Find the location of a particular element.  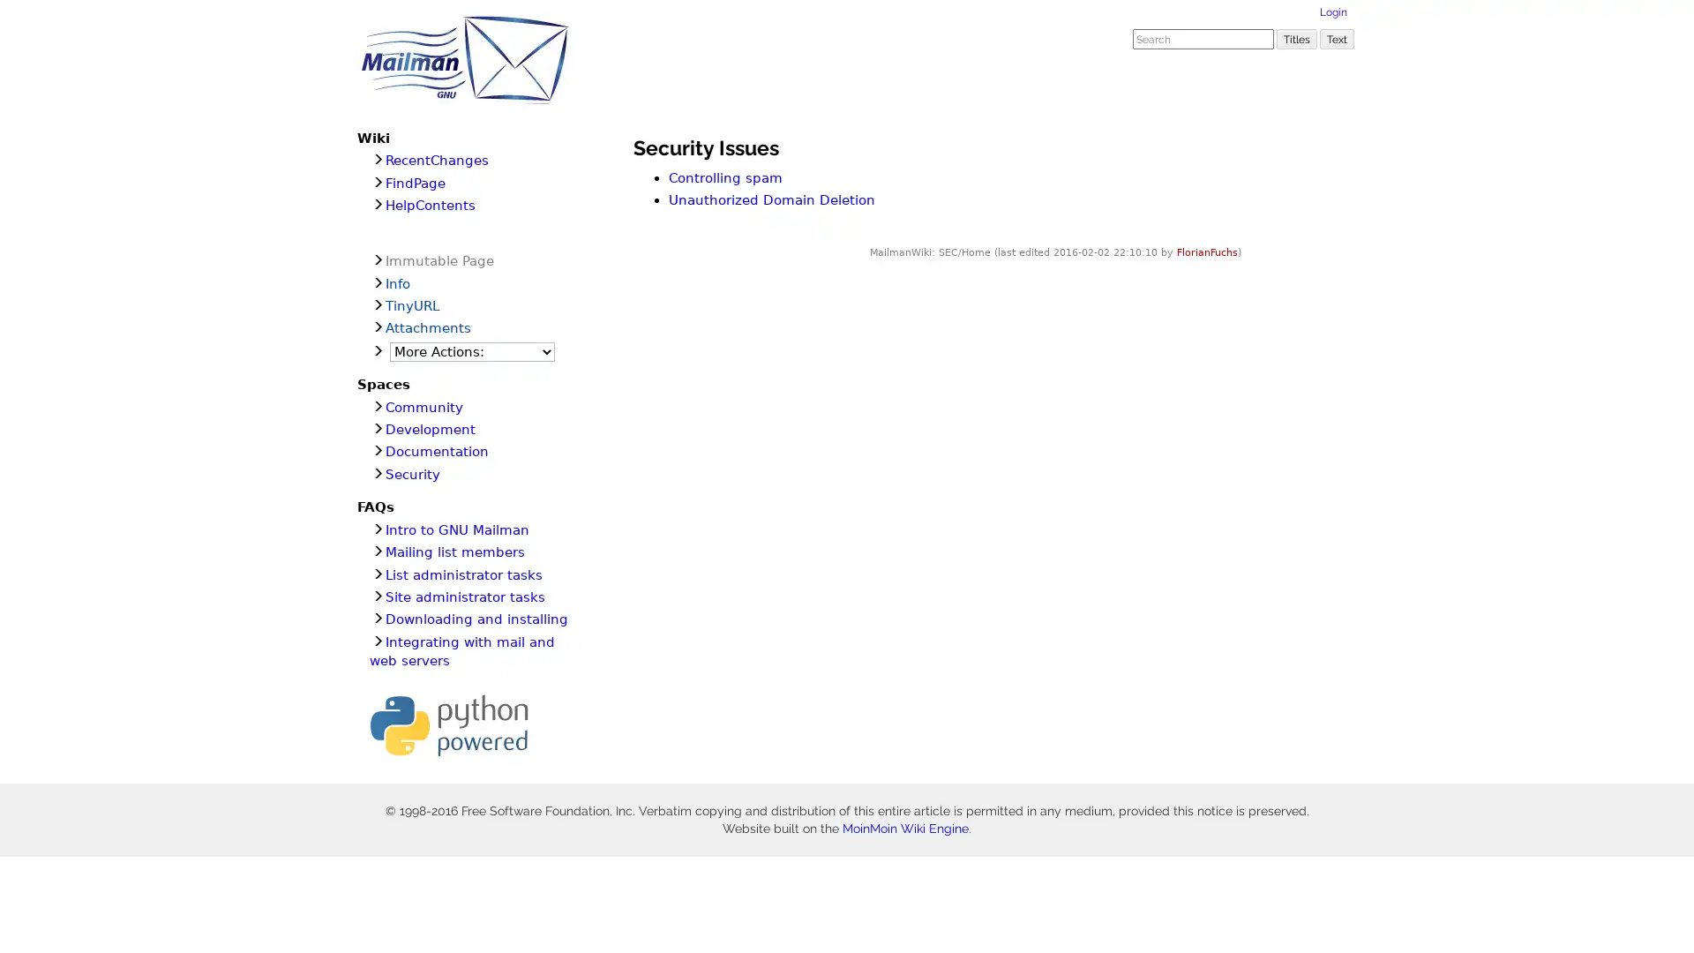

Titles is located at coordinates (1296, 38).